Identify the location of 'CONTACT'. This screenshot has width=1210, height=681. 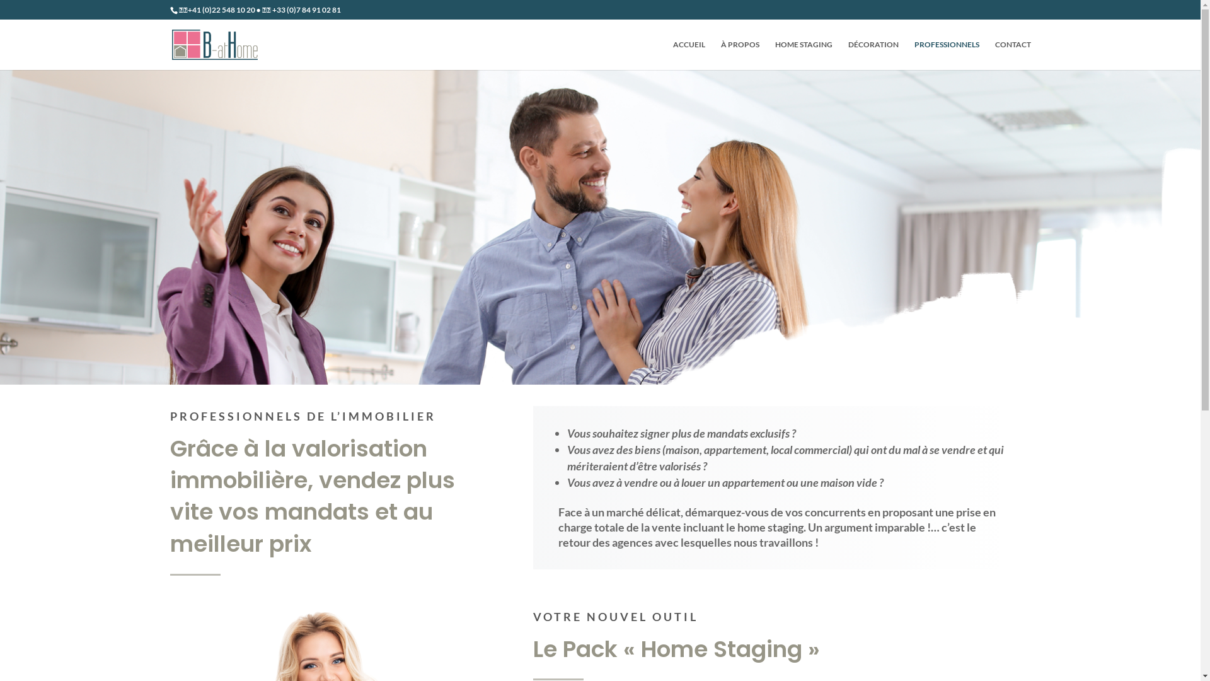
(1012, 54).